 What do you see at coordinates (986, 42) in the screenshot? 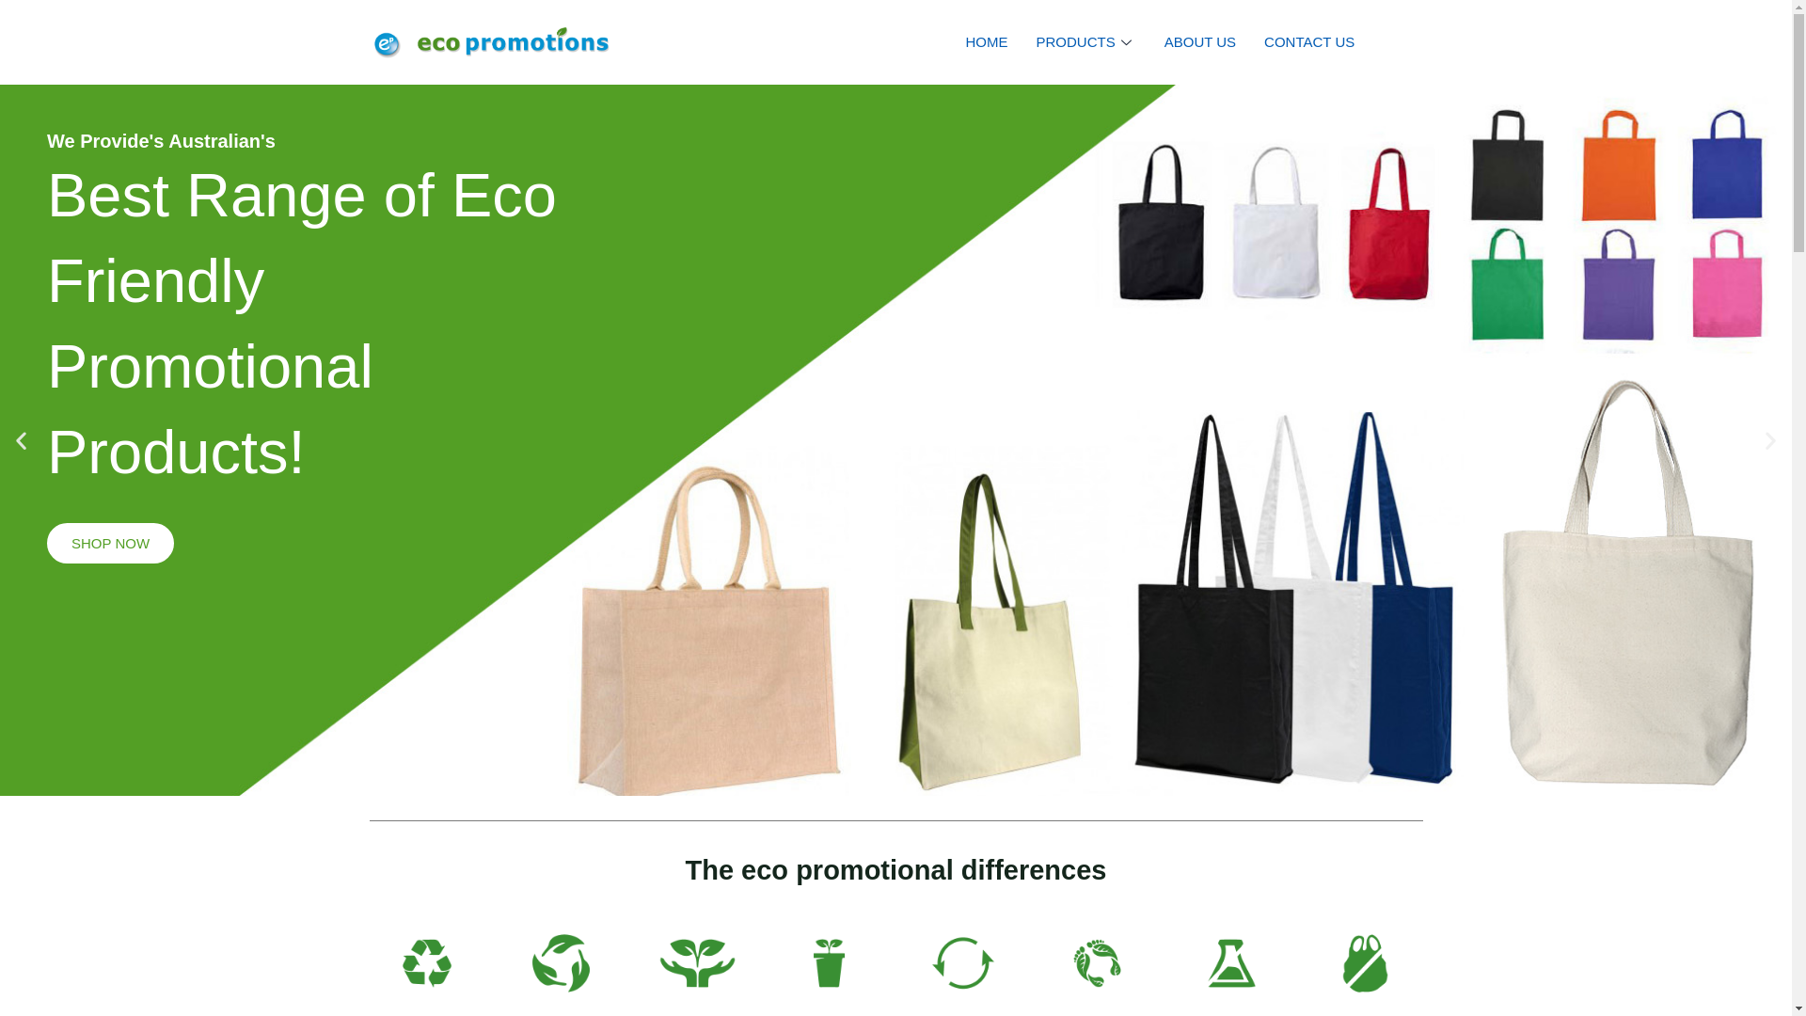
I see `'HOME'` at bounding box center [986, 42].